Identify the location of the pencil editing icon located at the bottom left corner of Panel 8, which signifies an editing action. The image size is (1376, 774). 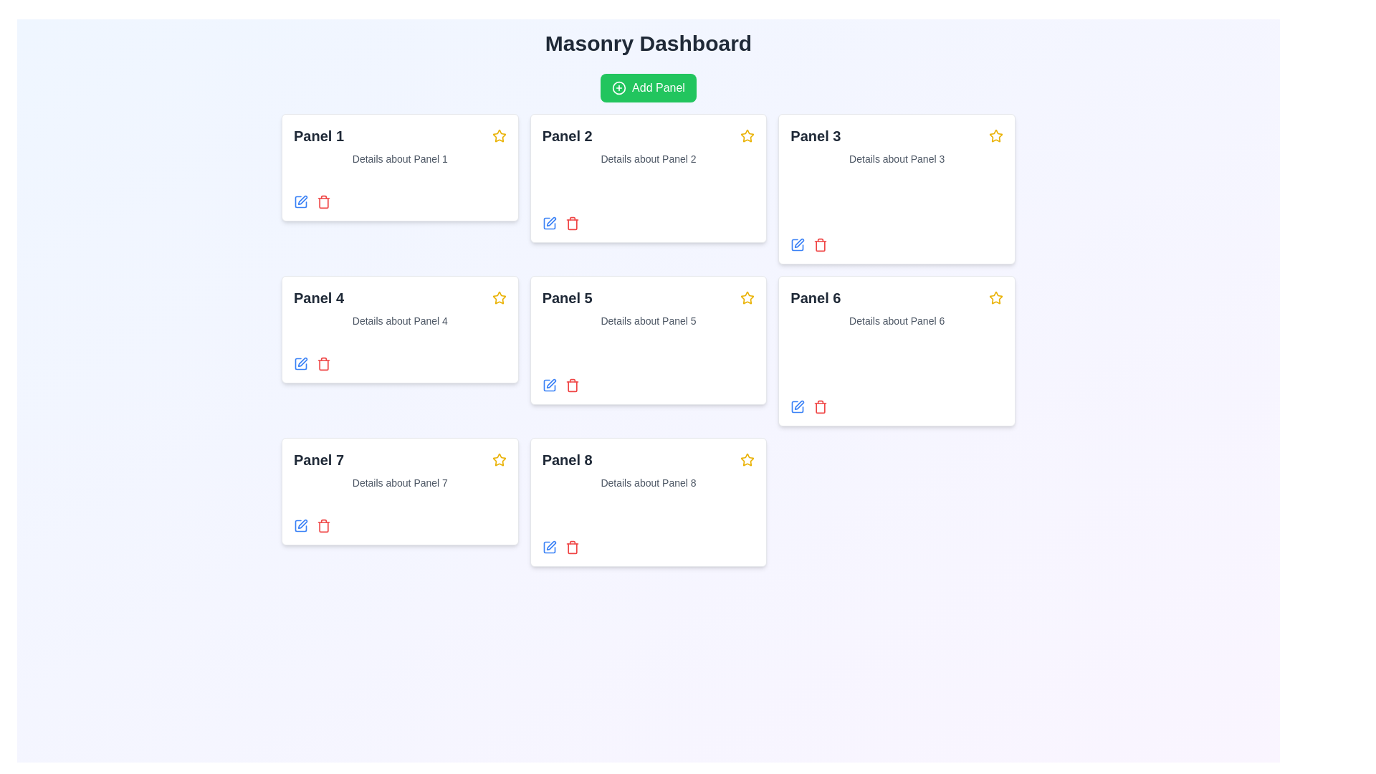
(550, 545).